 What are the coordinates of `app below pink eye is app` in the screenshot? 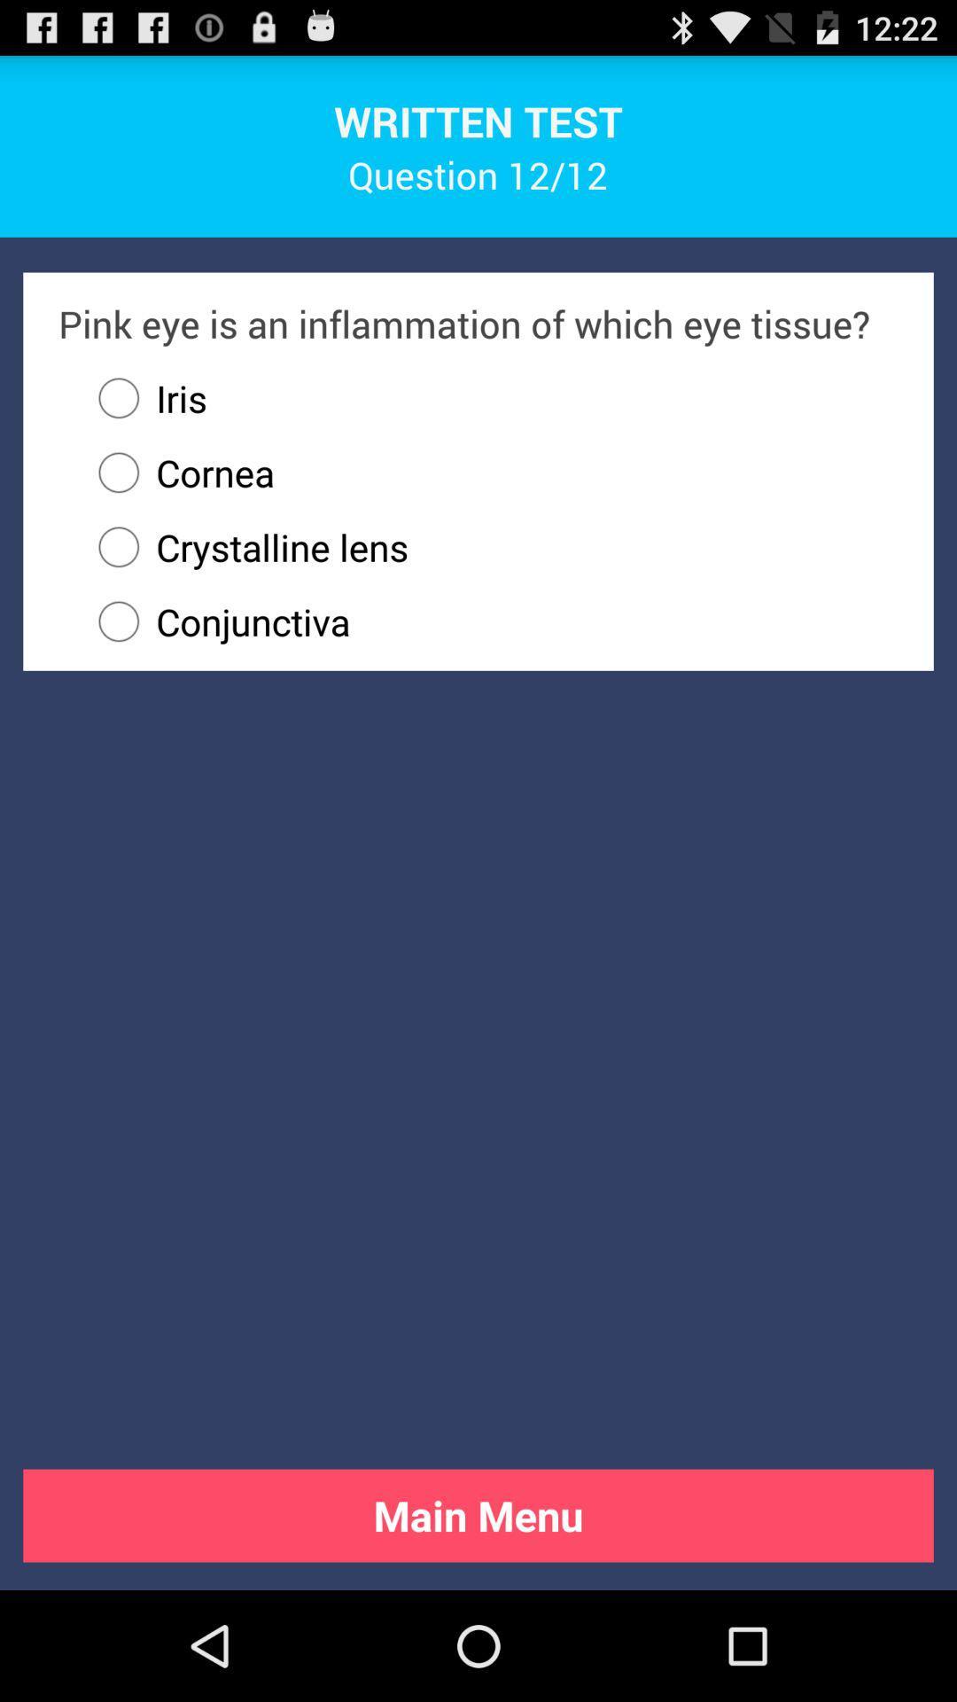 It's located at (144, 397).